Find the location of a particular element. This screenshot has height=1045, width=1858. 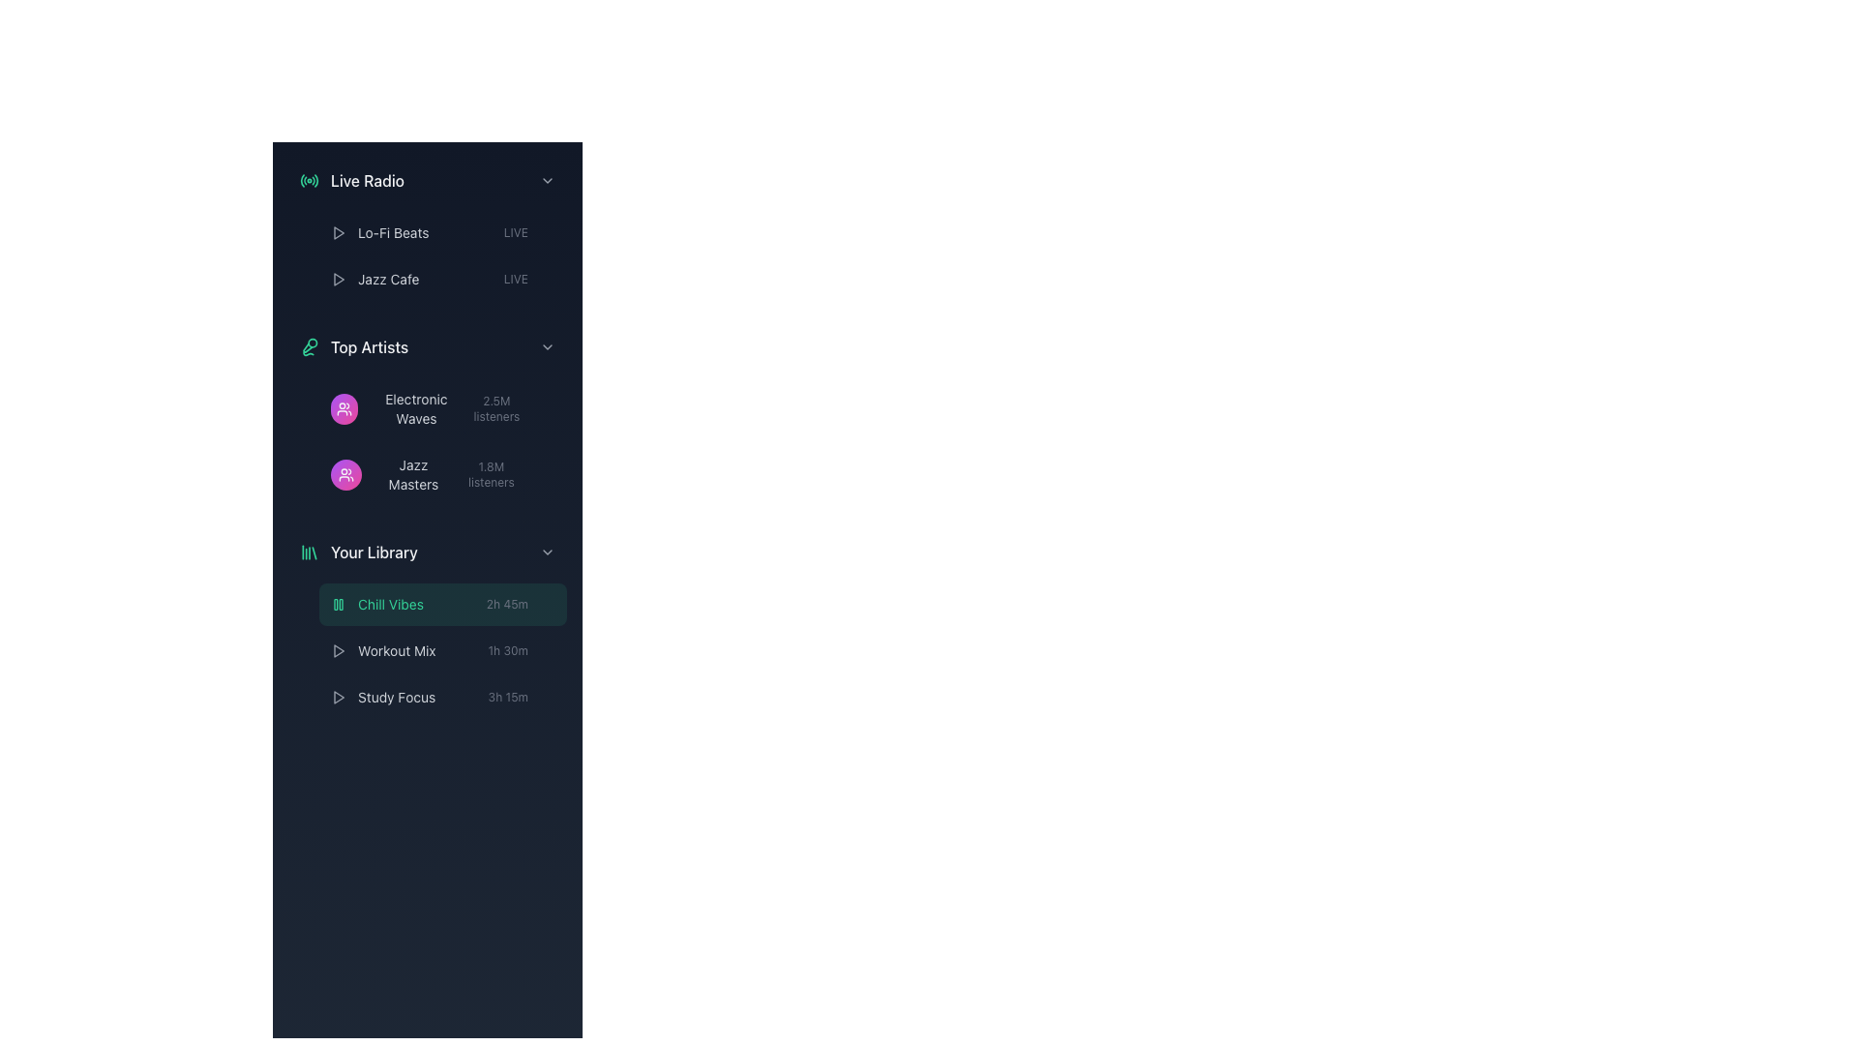

the navigational button that leads to a detailed view of top artists, located below the 'Live Radio' section and above the 'Electronic Waves' entry in the 'Top Artists' segment is located at coordinates (354, 345).